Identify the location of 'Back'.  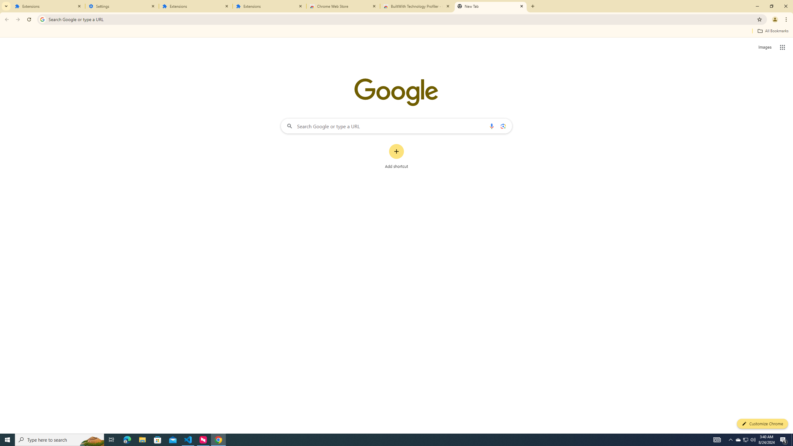
(6, 19).